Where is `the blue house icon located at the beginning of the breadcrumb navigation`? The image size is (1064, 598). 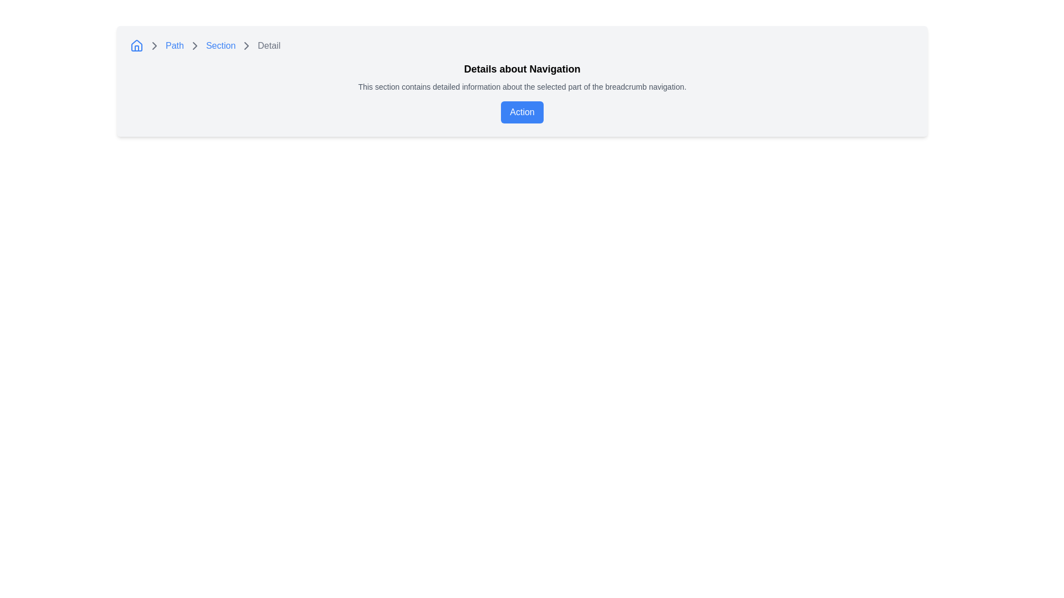
the blue house icon located at the beginning of the breadcrumb navigation is located at coordinates (136, 45).